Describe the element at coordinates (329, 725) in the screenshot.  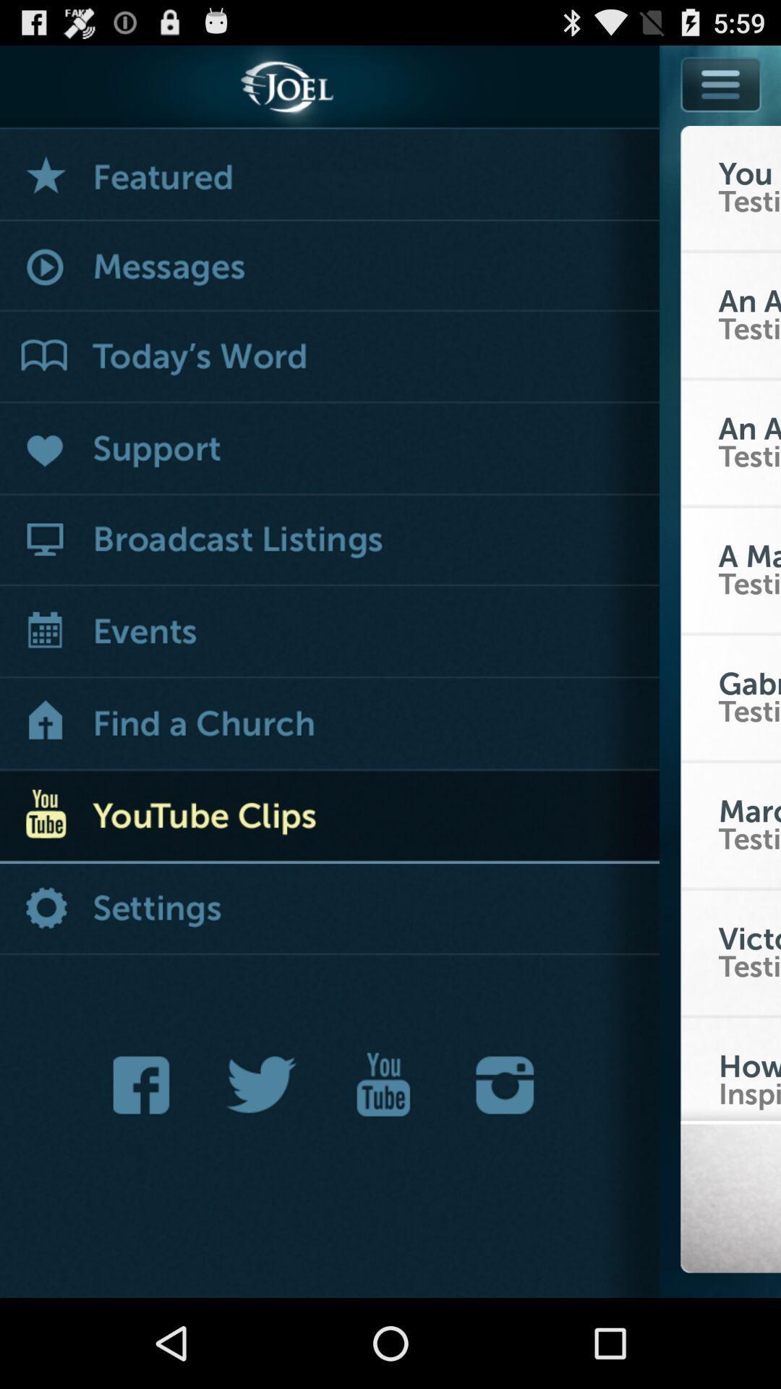
I see `home button` at that location.